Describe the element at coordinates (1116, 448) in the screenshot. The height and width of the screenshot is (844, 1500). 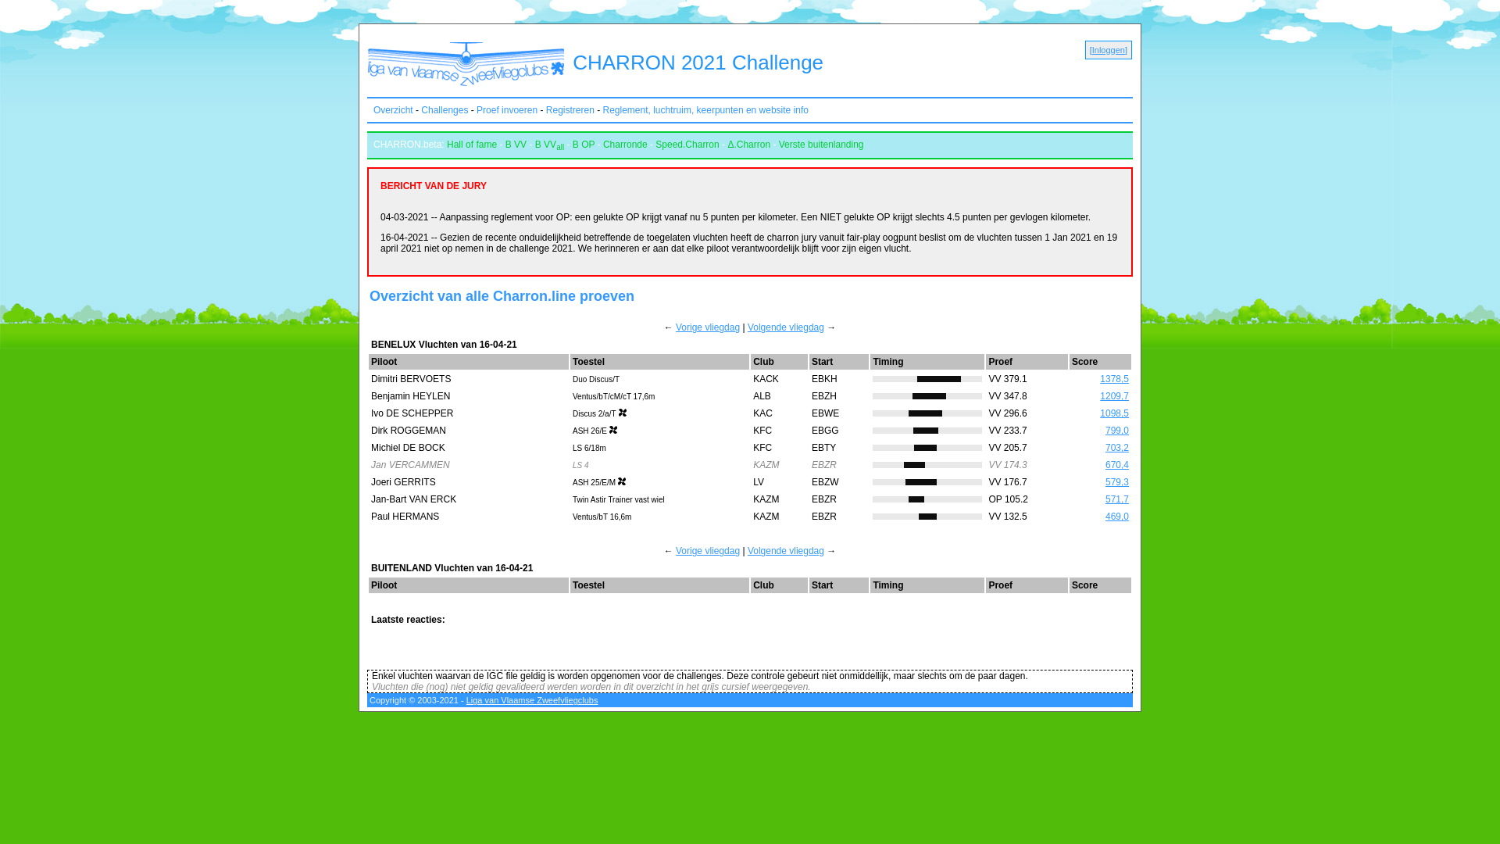
I see `'703,2'` at that location.